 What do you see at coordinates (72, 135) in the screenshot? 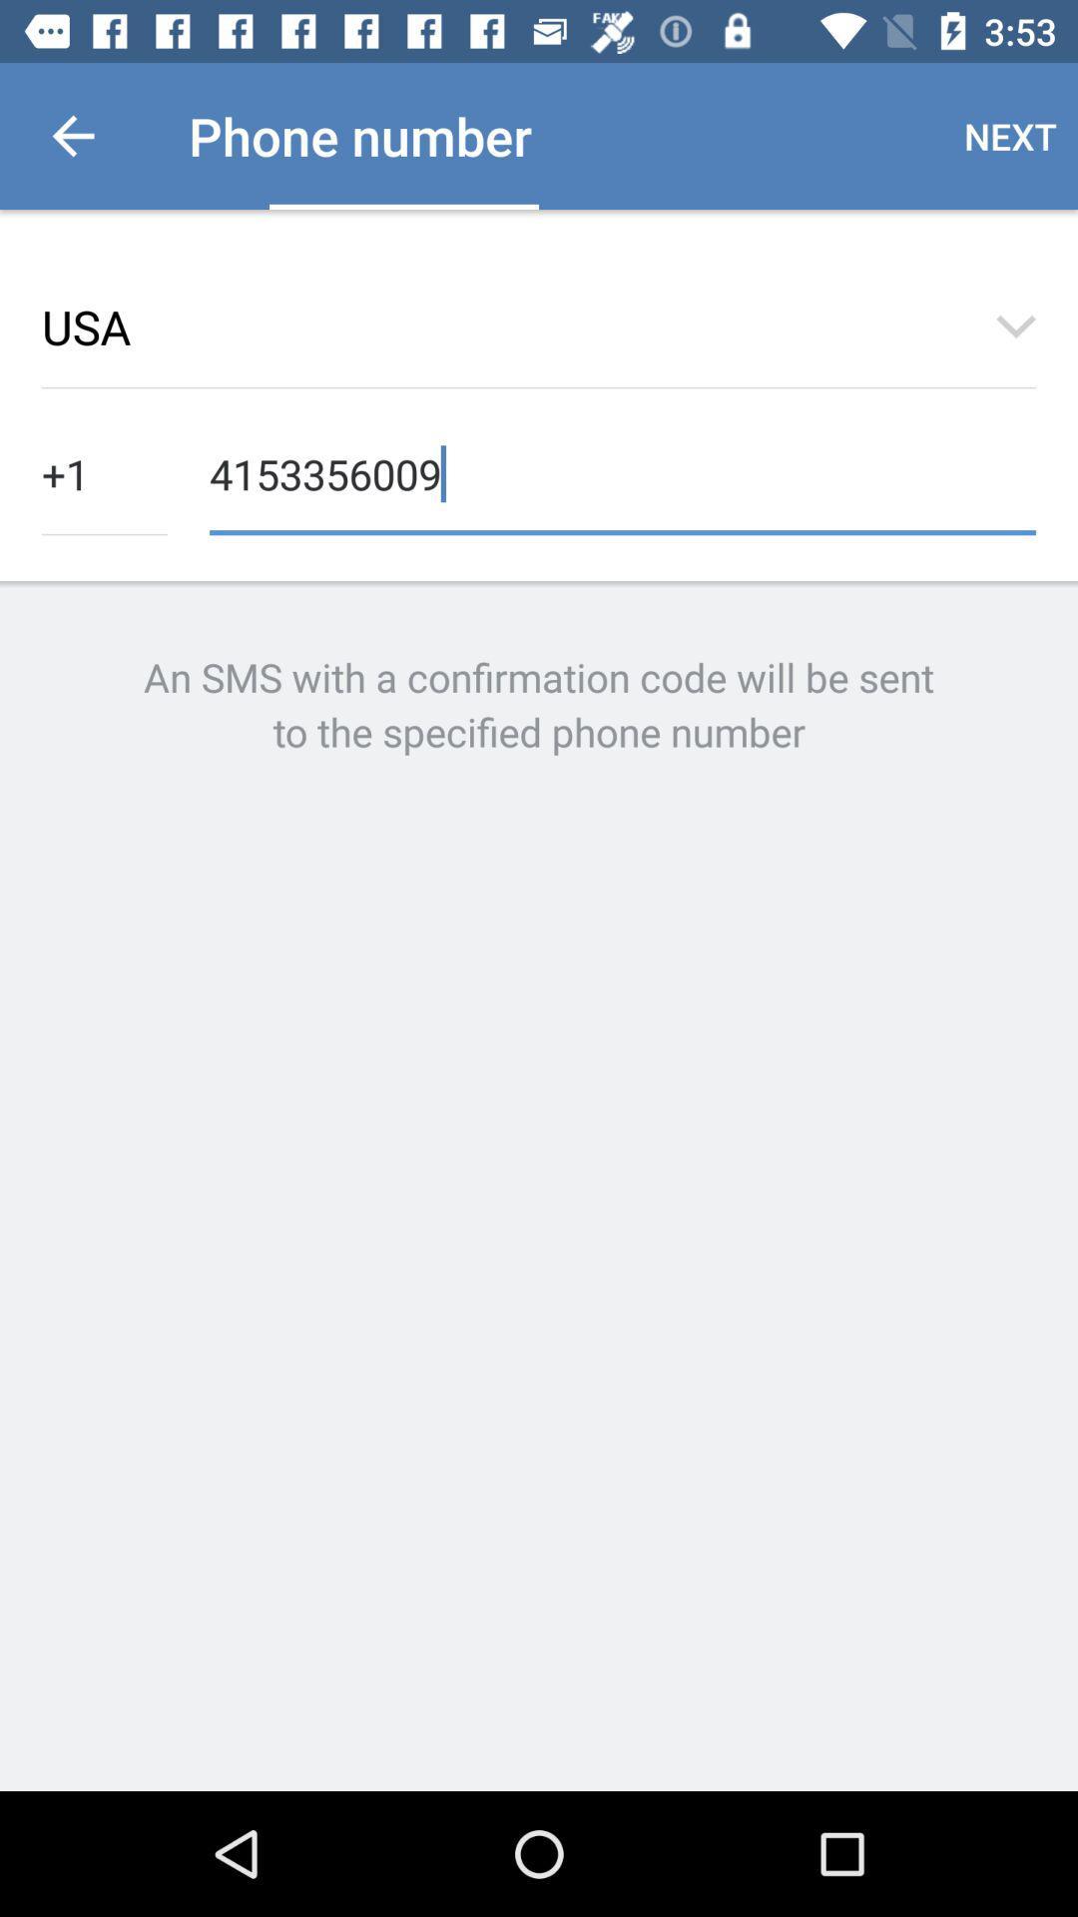
I see `the icon next to the phone number item` at bounding box center [72, 135].